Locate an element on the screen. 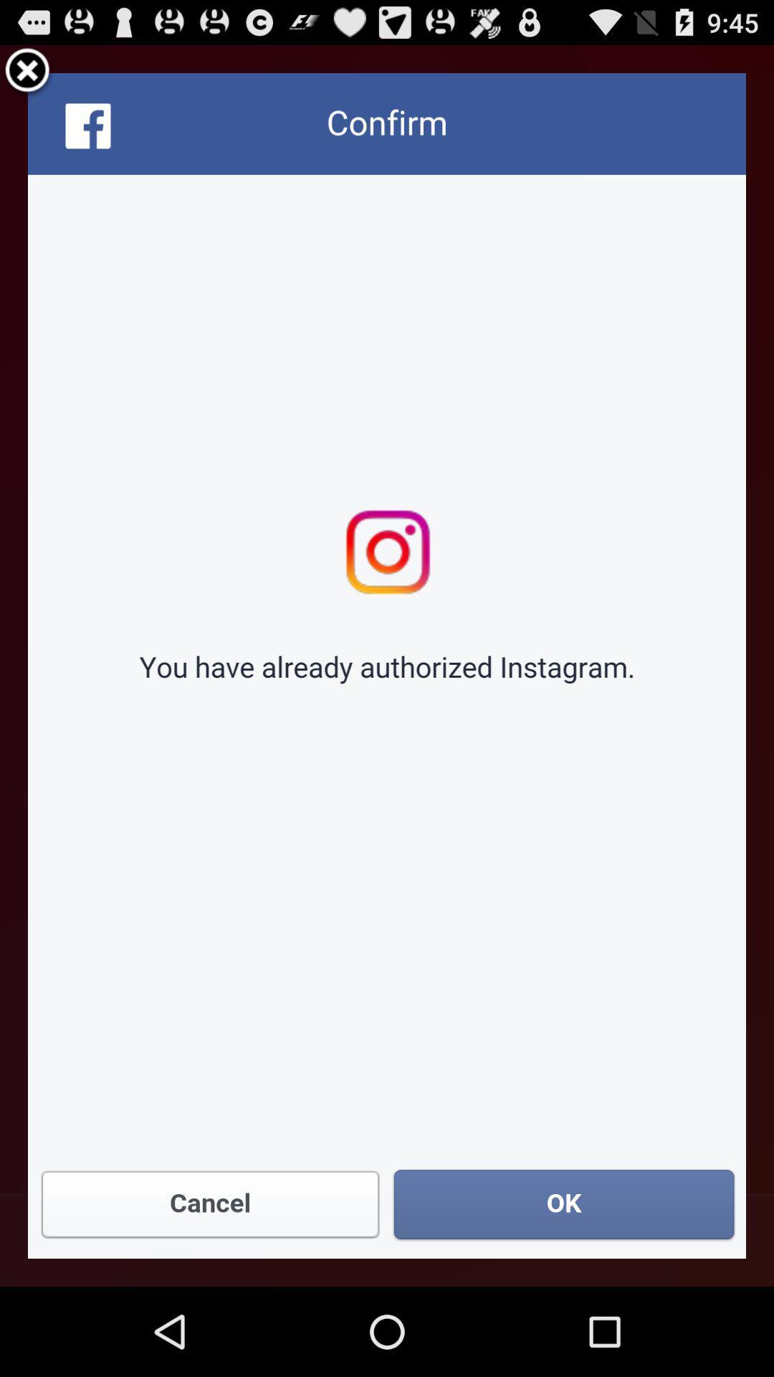  cancel is located at coordinates (27, 72).